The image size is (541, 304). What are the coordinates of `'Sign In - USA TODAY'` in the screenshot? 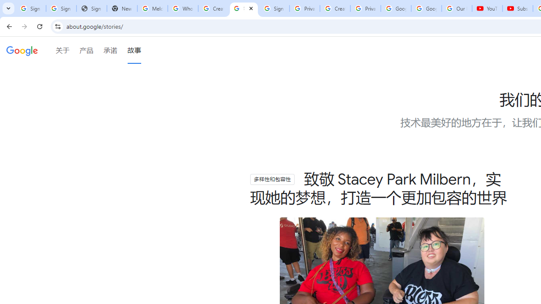 It's located at (91, 8).